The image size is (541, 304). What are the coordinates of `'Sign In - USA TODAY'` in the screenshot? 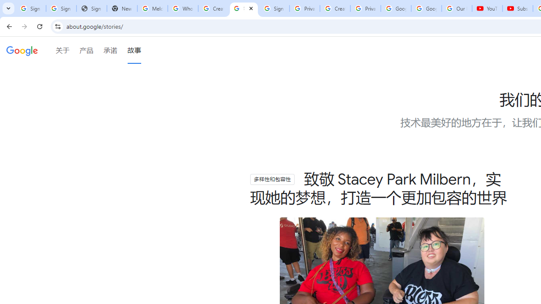 It's located at (91, 8).